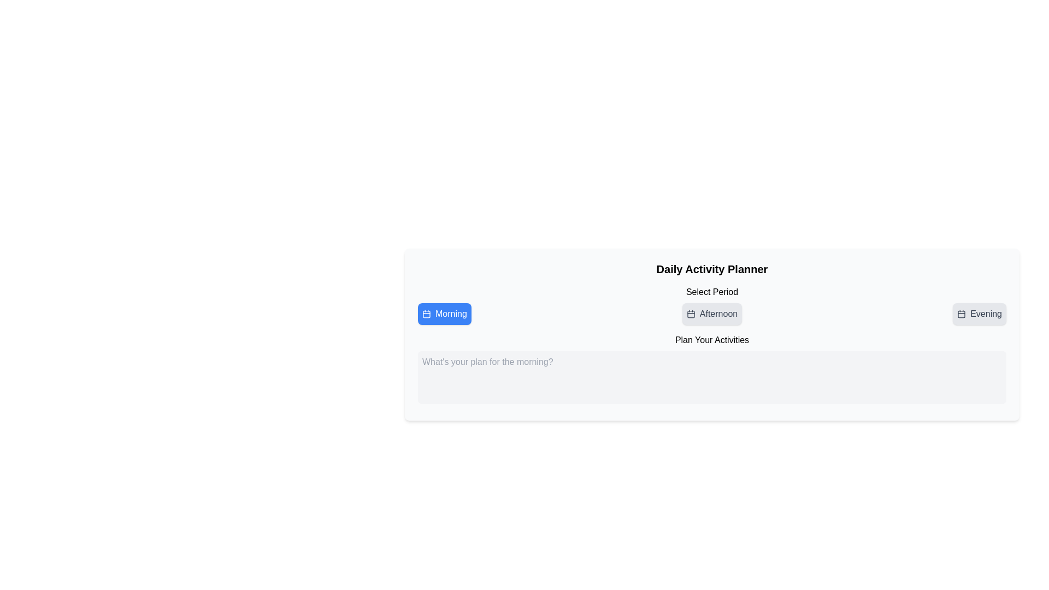  What do you see at coordinates (444, 314) in the screenshot?
I see `the blue 'Morning' button with a calendar icon for the context menu options` at bounding box center [444, 314].